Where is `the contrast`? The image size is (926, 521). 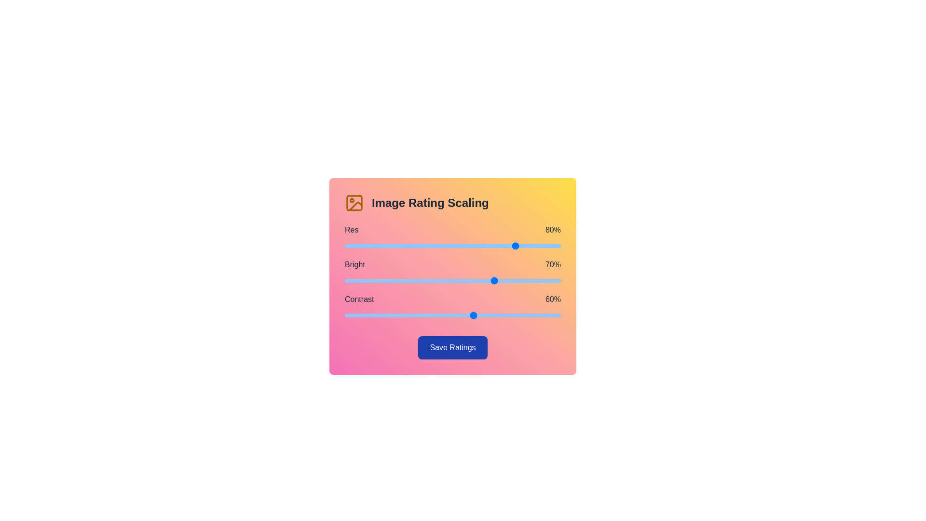 the contrast is located at coordinates (388, 315).